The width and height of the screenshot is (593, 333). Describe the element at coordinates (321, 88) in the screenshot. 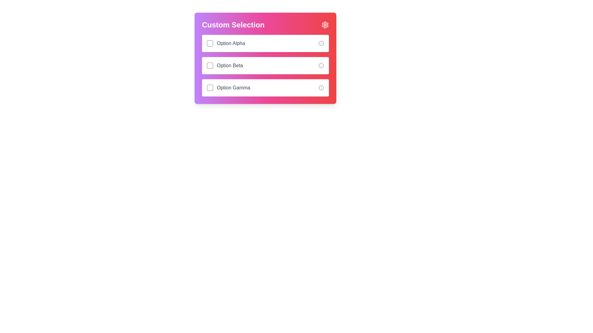

I see `info button next to the option labeled Option Gamma` at that location.